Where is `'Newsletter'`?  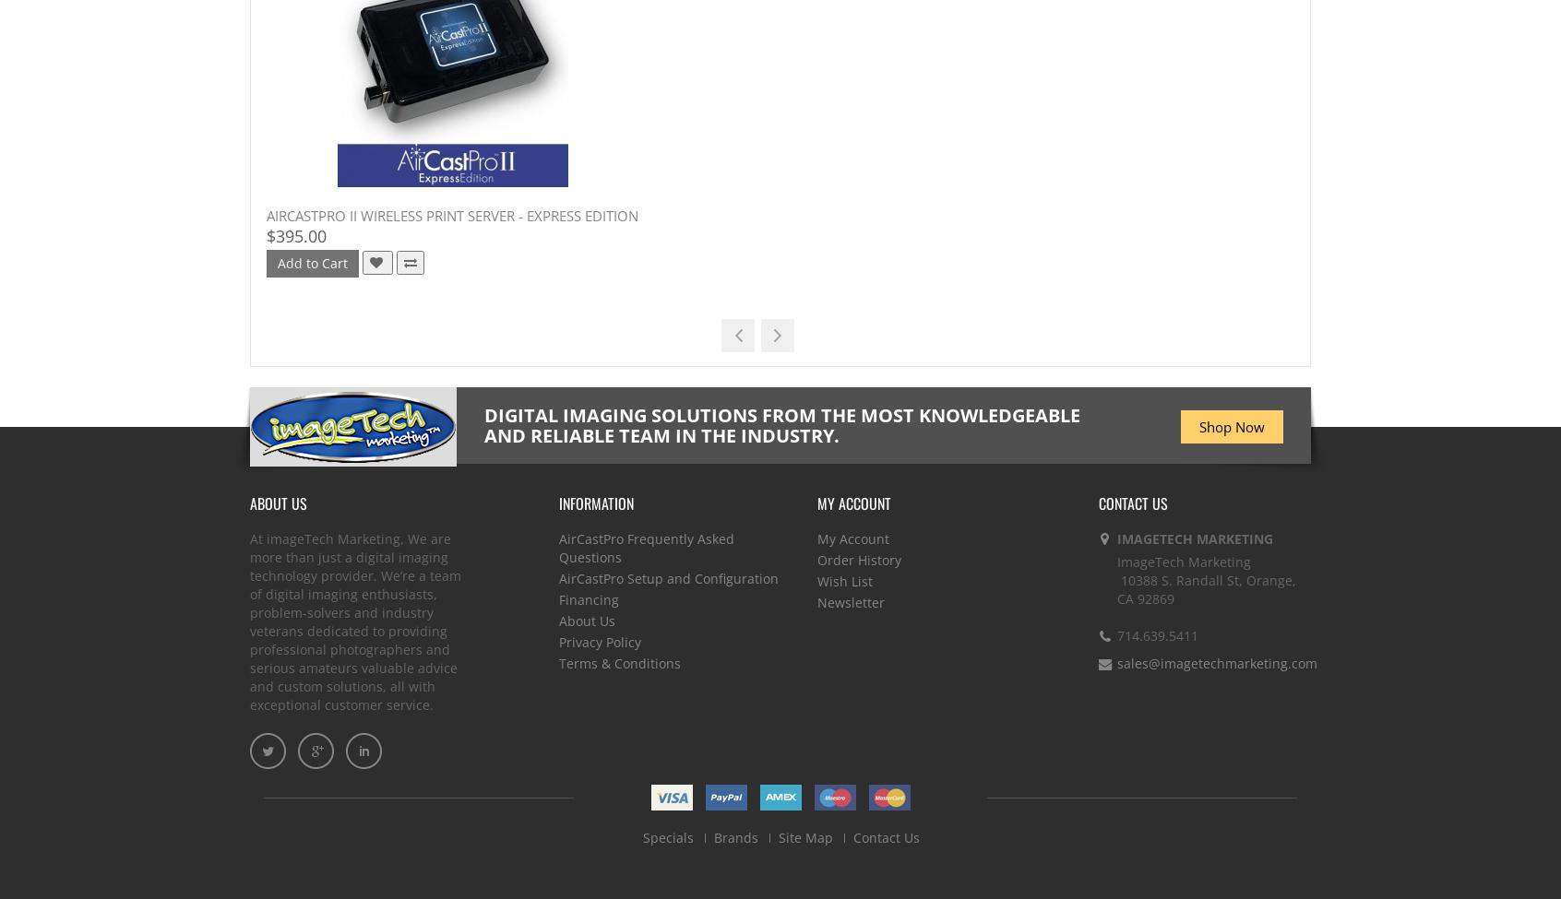 'Newsletter' is located at coordinates (851, 602).